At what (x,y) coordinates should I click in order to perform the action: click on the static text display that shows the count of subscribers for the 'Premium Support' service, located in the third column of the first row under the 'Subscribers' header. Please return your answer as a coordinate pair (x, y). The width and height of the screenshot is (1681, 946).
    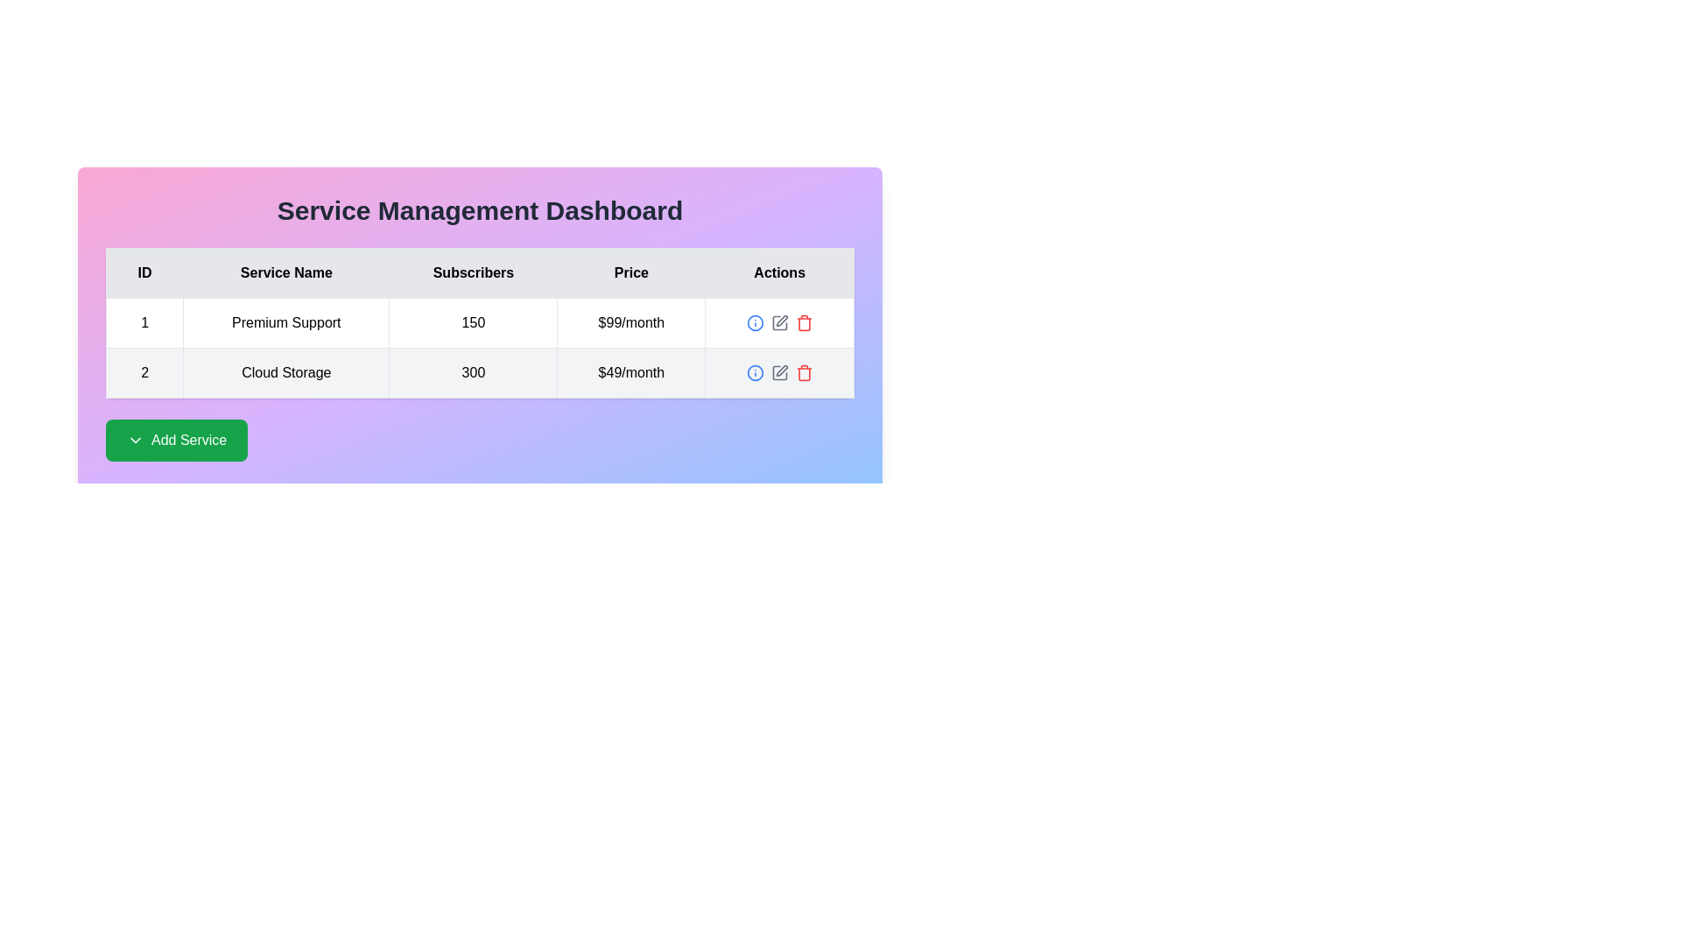
    Looking at the image, I should click on (473, 323).